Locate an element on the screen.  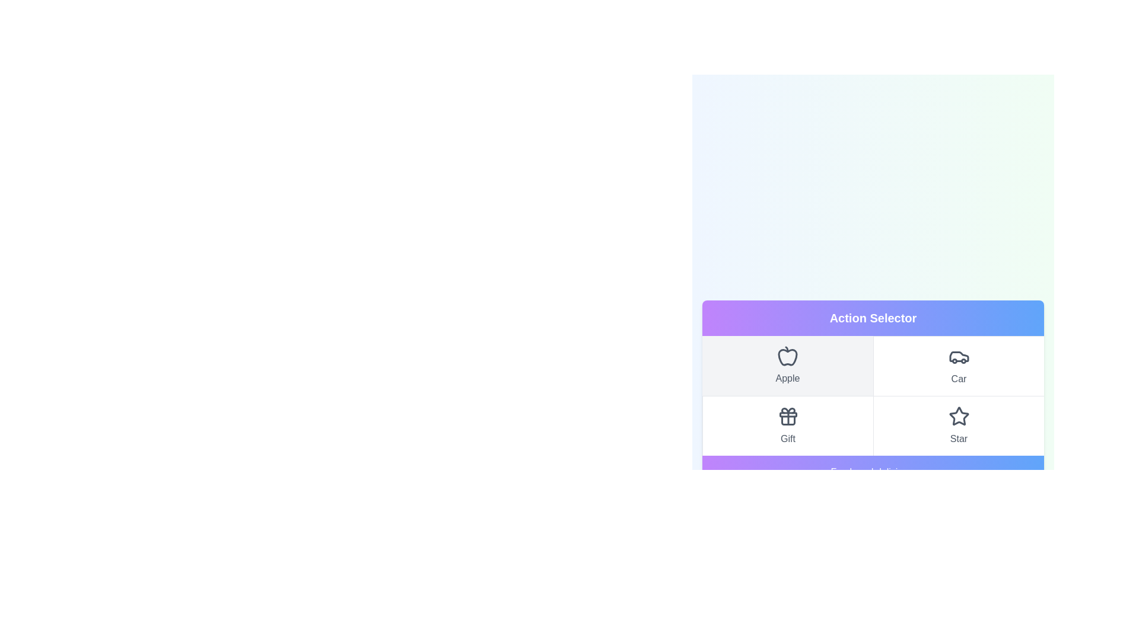
the star-shaped icon located in the bottom-right cell of the 'Action Selector' section, beneath the 'Car' icon and to the right of the 'Gift' icon is located at coordinates (959, 415).